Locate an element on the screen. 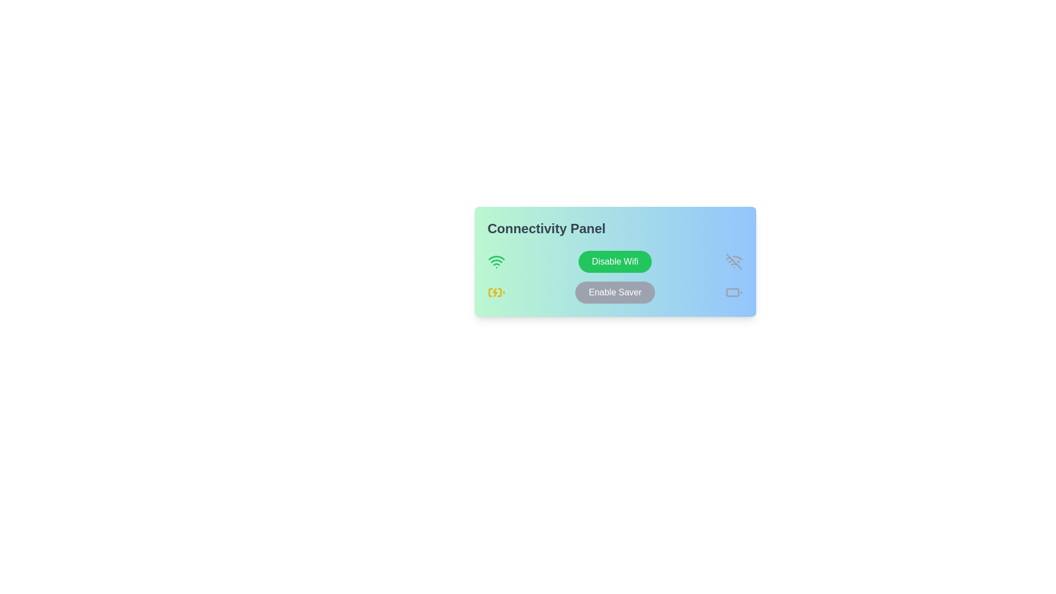 The image size is (1056, 594). the heading or title text element located at the left side of the gradient-colored panel, providing context about the functionalities below it is located at coordinates (546, 228).